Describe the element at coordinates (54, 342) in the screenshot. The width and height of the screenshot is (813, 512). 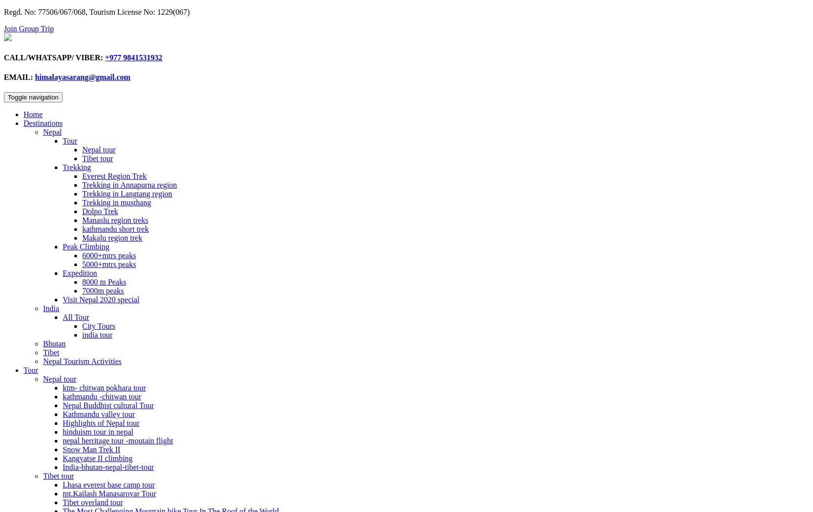
I see `'Bhutan'` at that location.